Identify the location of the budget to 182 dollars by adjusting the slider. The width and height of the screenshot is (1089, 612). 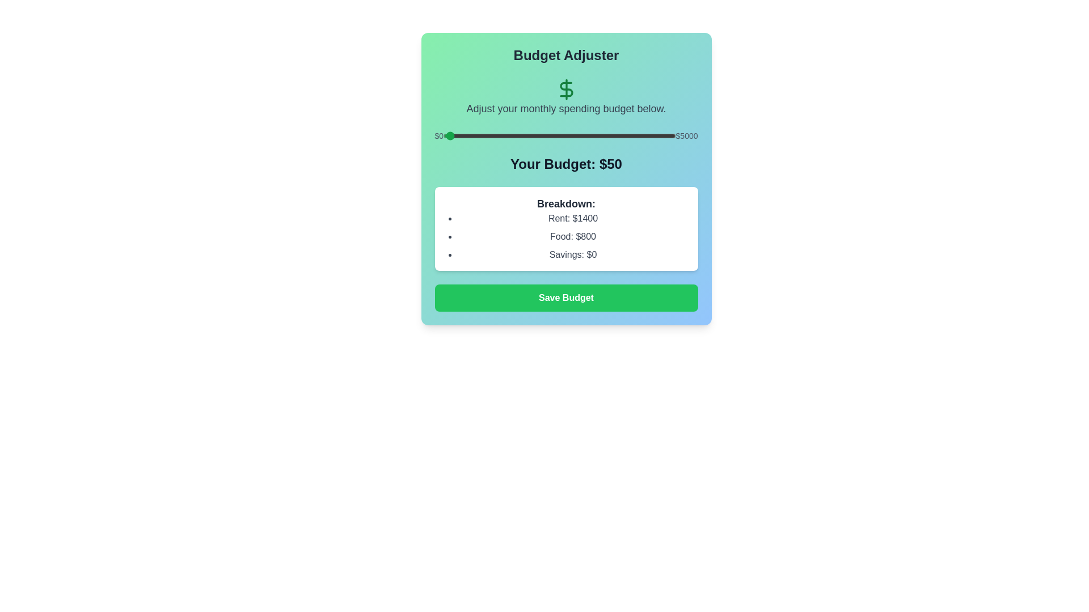
(451, 135).